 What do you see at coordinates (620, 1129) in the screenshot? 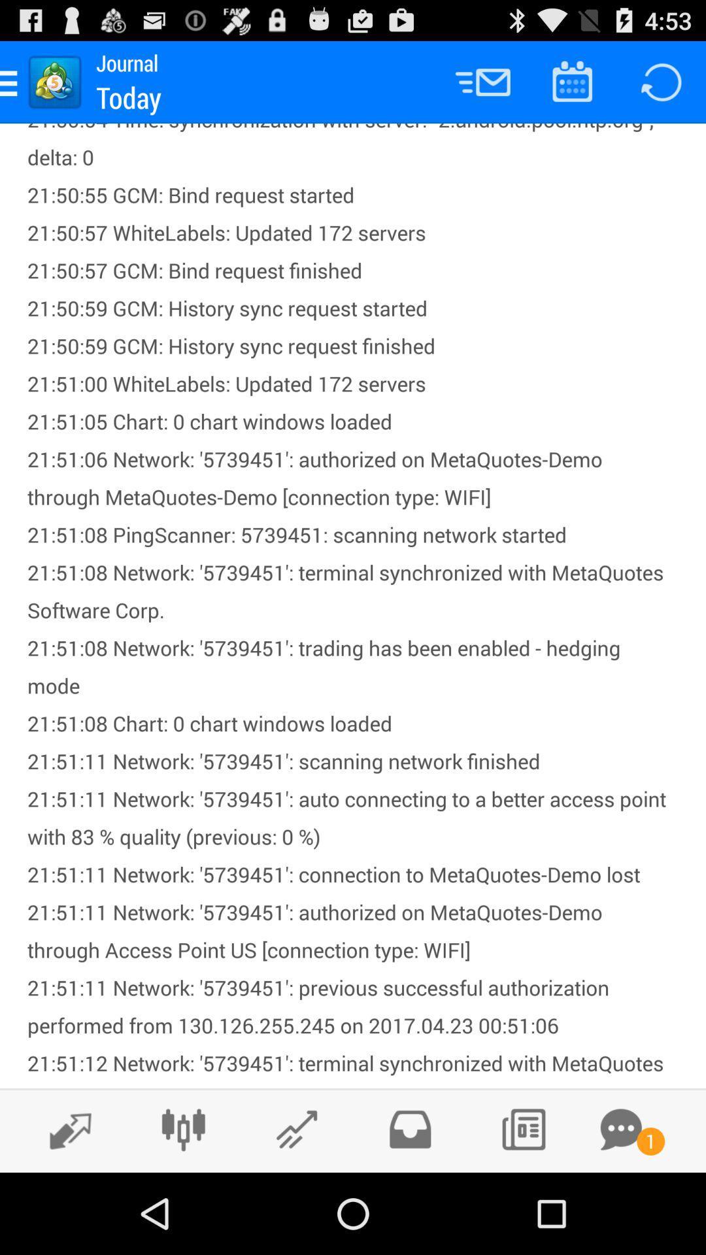
I see `share comments` at bounding box center [620, 1129].